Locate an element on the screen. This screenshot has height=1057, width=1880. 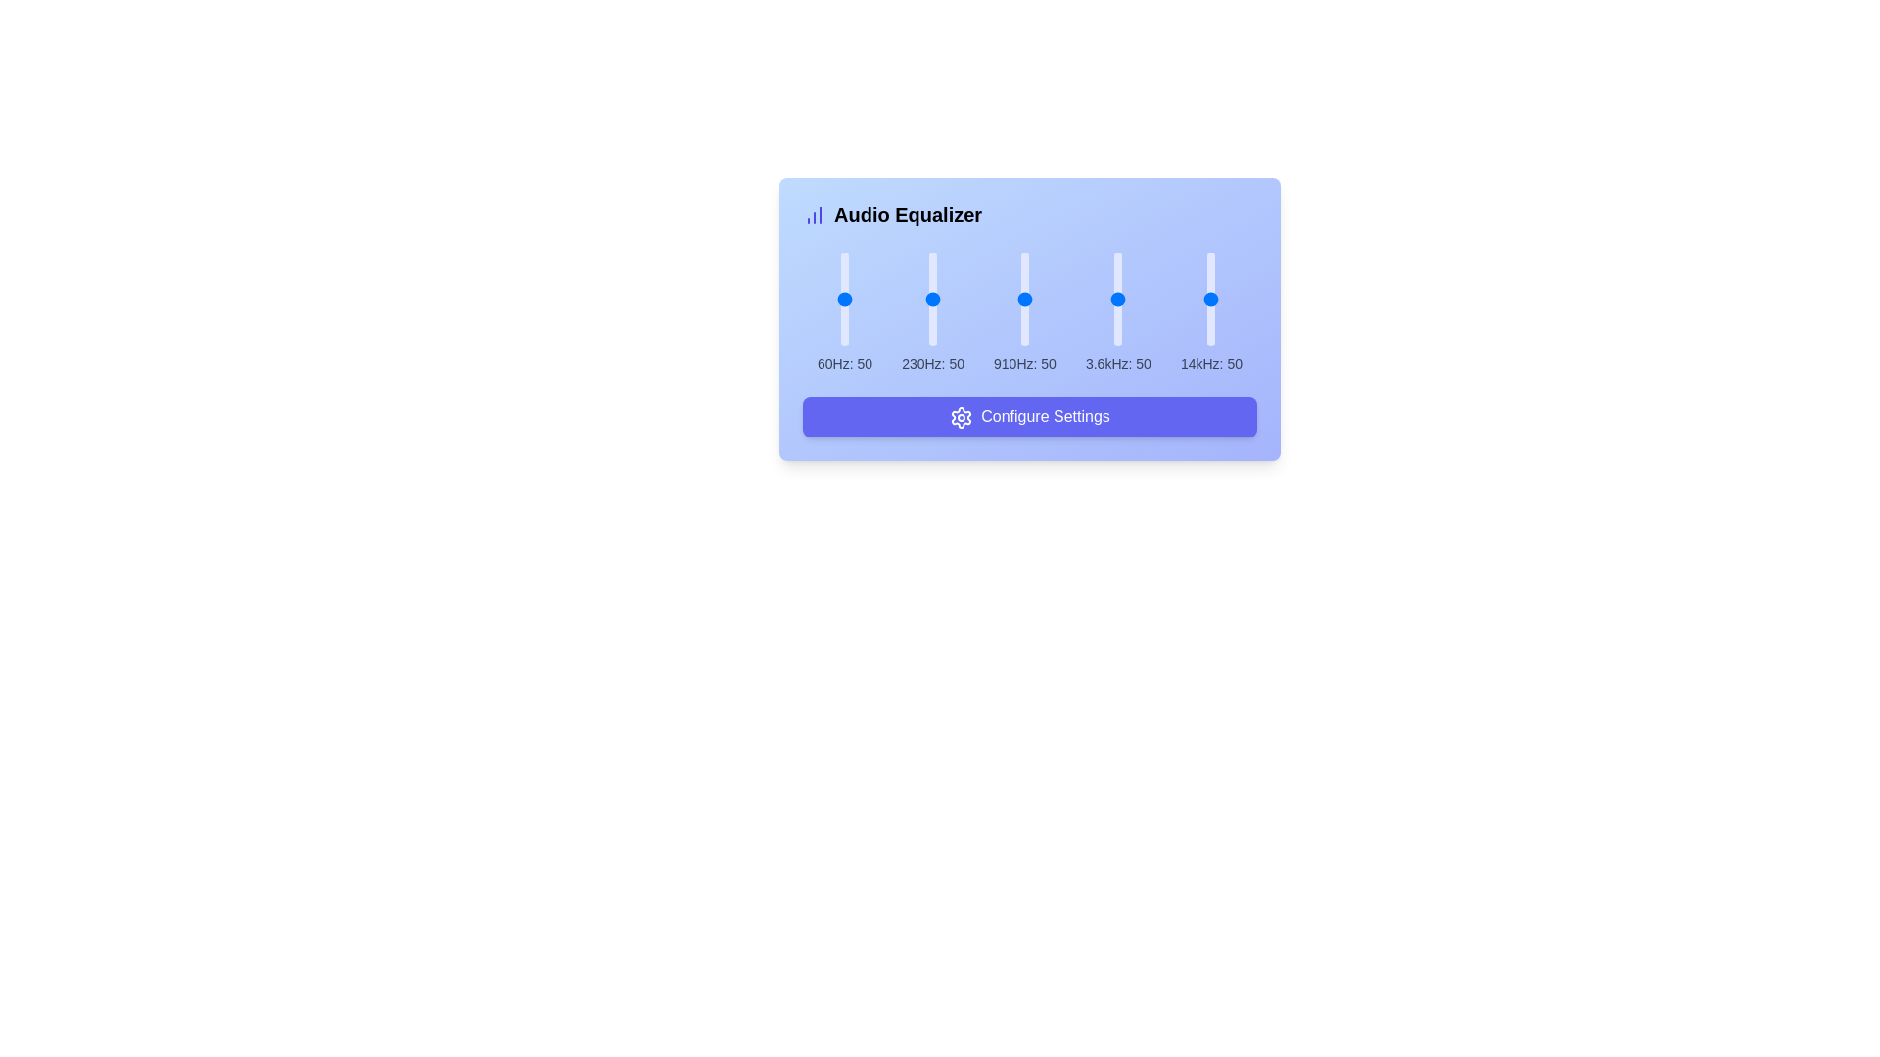
the 230Hz band value is located at coordinates (932, 278).